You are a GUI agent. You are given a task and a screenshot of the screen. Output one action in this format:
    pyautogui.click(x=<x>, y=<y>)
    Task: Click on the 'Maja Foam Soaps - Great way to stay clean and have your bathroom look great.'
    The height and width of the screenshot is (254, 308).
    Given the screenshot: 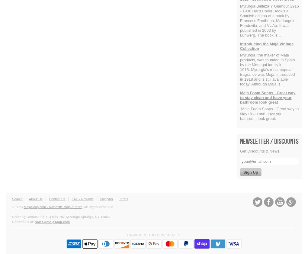 What is the action you would take?
    pyautogui.click(x=269, y=113)
    